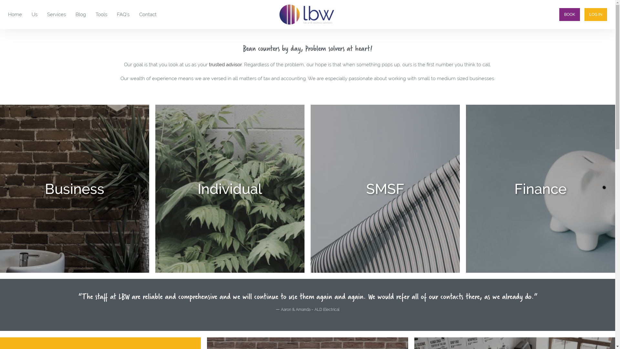 Image resolution: width=620 pixels, height=349 pixels. Describe the element at coordinates (101, 15) in the screenshot. I see `'Tools'` at that location.